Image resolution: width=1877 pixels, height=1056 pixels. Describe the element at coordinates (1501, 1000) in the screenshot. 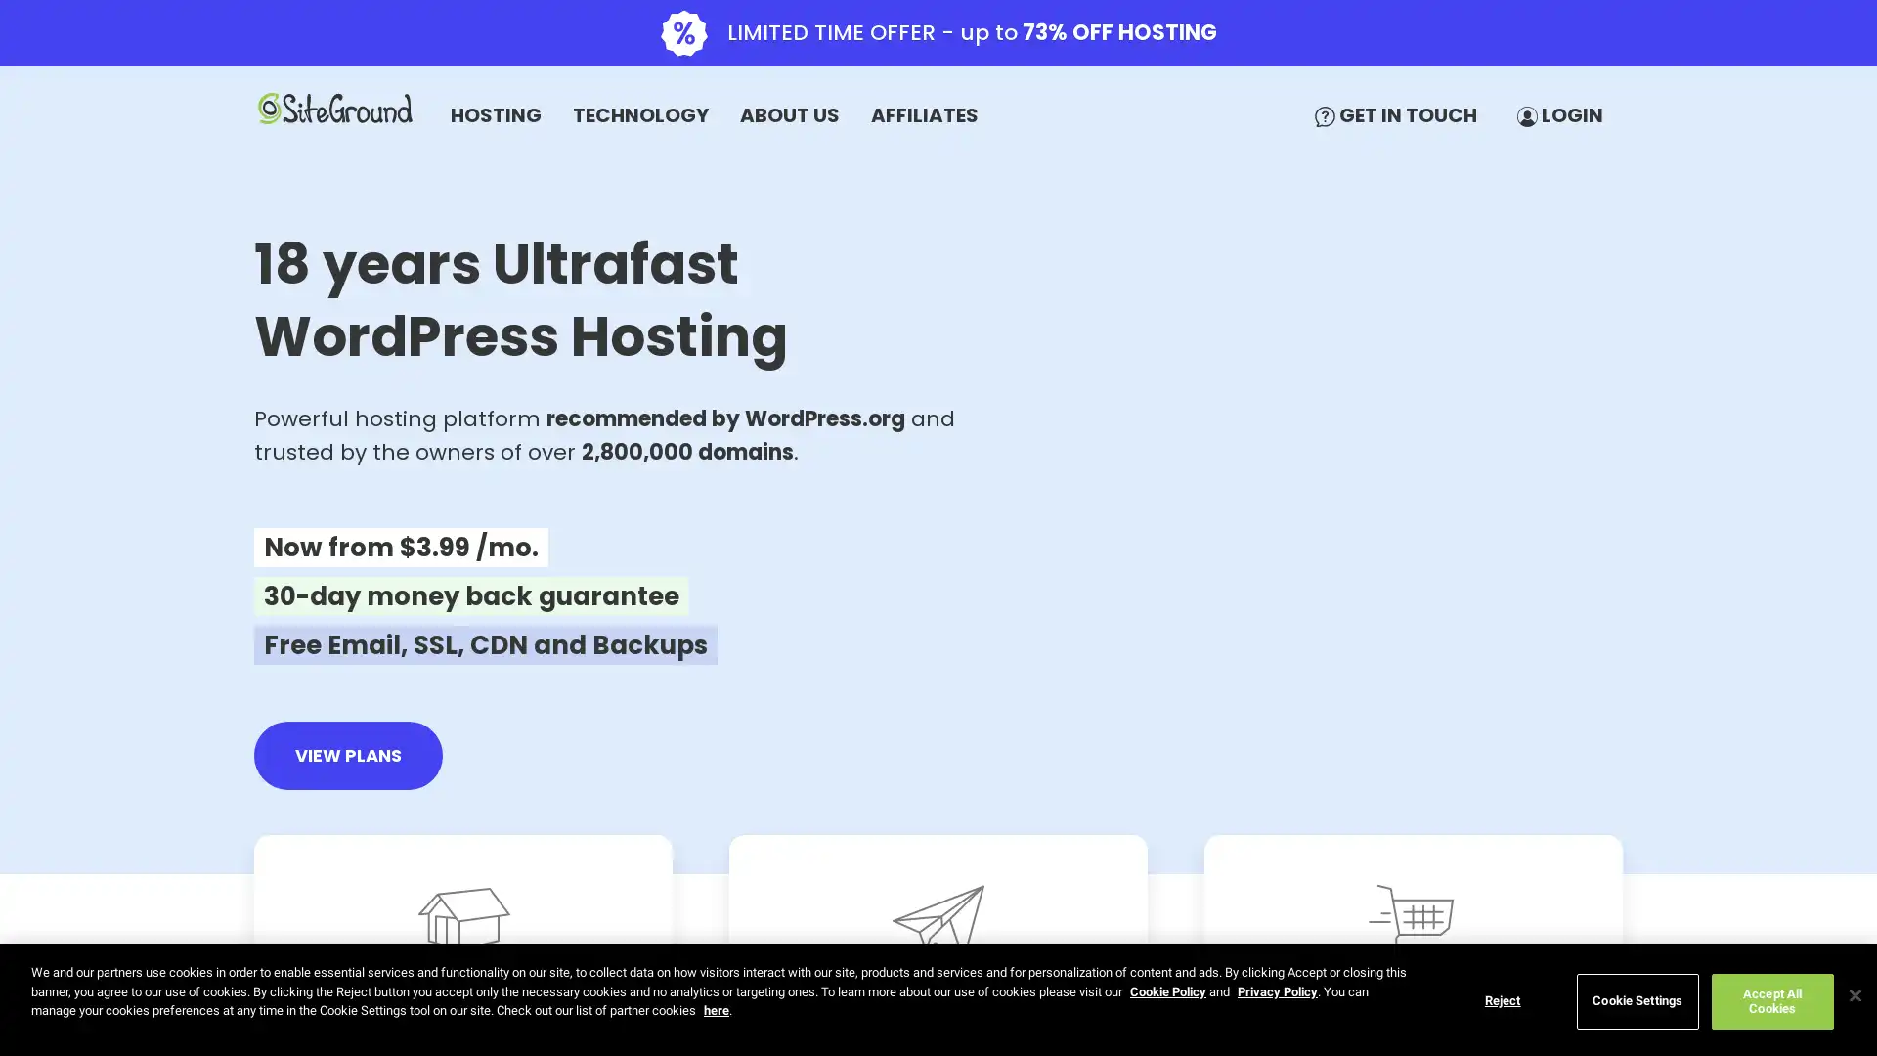

I see `Reject` at that location.